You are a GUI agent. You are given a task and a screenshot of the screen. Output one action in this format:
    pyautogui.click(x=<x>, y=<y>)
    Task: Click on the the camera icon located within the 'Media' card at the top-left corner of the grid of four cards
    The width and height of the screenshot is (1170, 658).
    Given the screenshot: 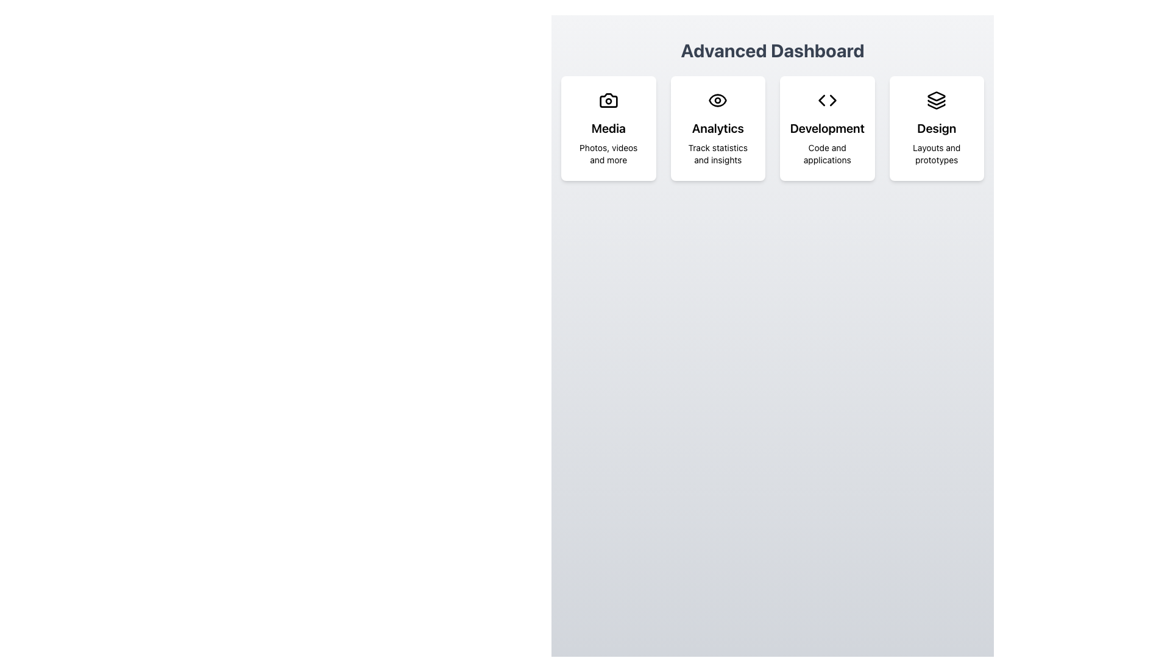 What is the action you would take?
    pyautogui.click(x=608, y=100)
    